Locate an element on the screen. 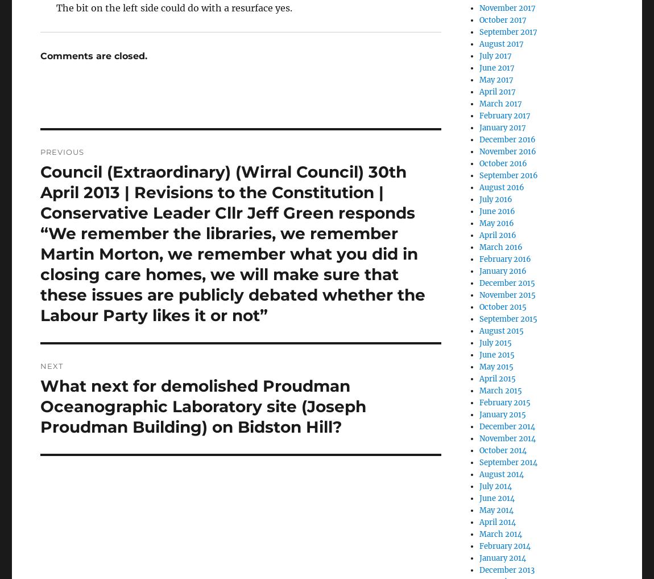 This screenshot has height=579, width=654. 'October 2015' is located at coordinates (503, 307).